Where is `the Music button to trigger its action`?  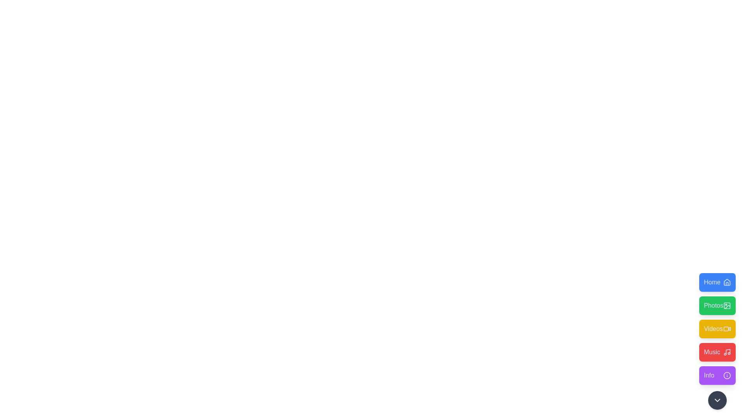
the Music button to trigger its action is located at coordinates (717, 352).